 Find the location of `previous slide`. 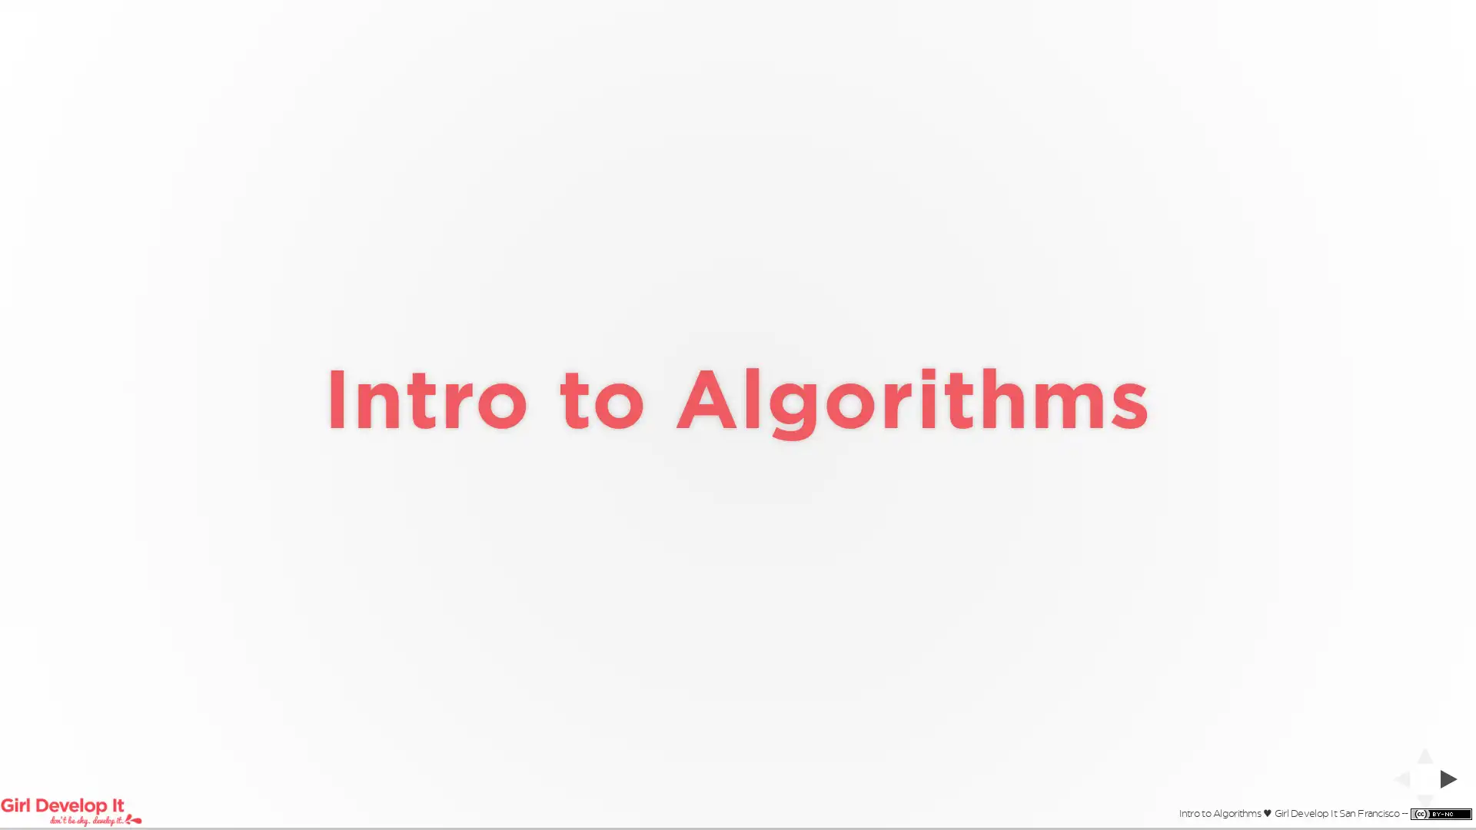

previous slide is located at coordinates (1396, 779).